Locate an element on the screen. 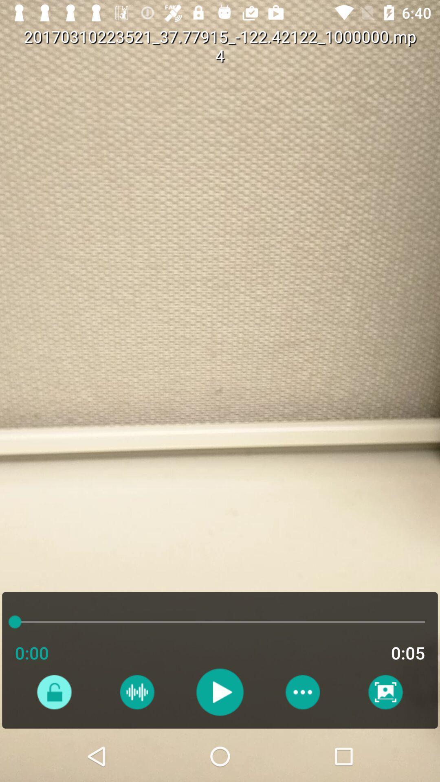 The height and width of the screenshot is (782, 440). the globe icon is located at coordinates (136, 692).